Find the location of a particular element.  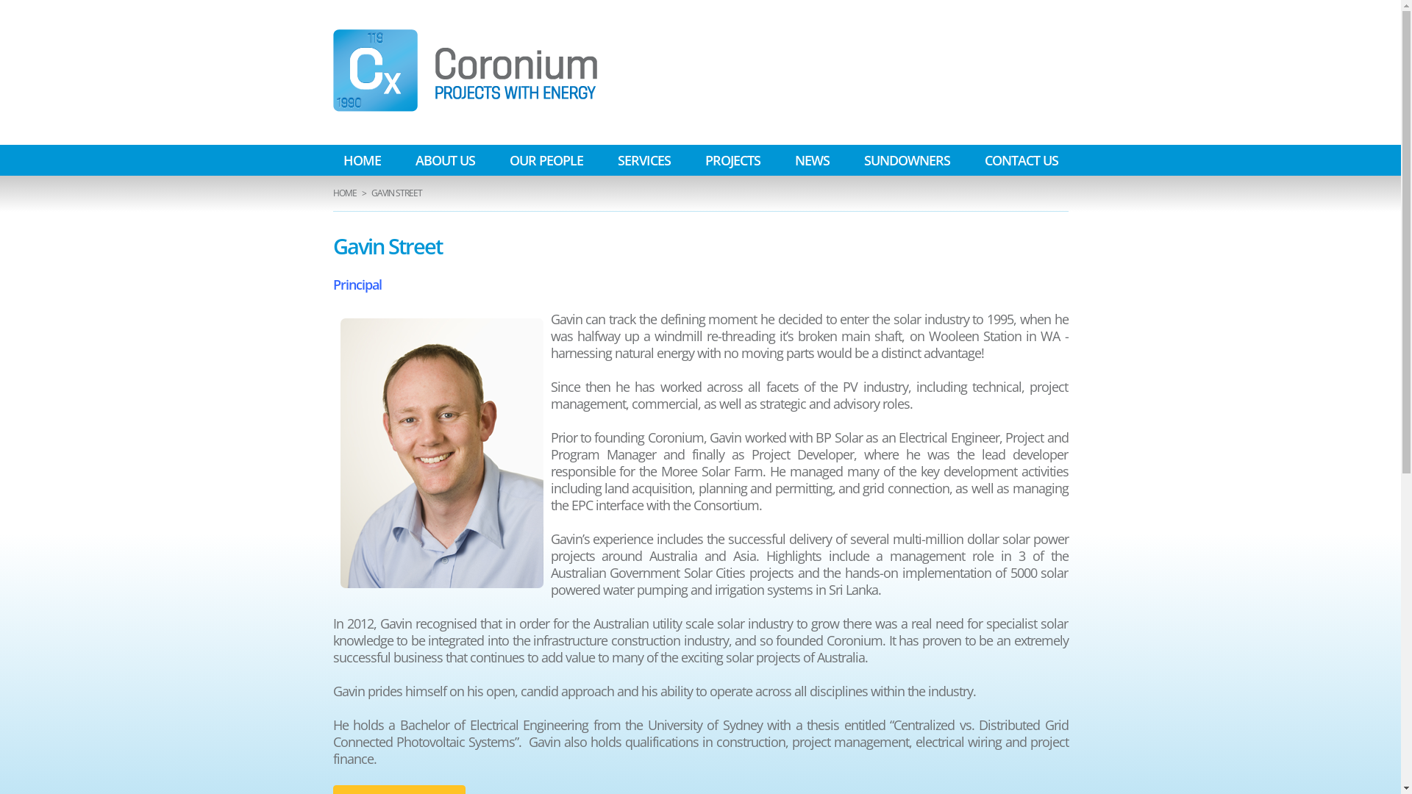

'SUNDOWNERS' is located at coordinates (905, 160).